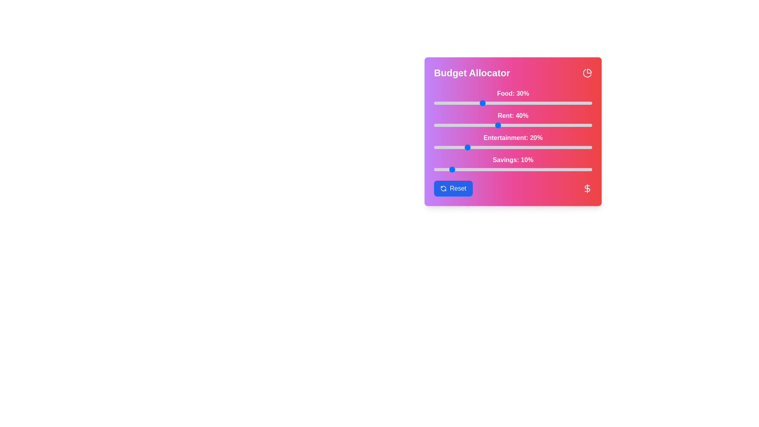 The width and height of the screenshot is (759, 427). I want to click on the rent slider, so click(440, 125).